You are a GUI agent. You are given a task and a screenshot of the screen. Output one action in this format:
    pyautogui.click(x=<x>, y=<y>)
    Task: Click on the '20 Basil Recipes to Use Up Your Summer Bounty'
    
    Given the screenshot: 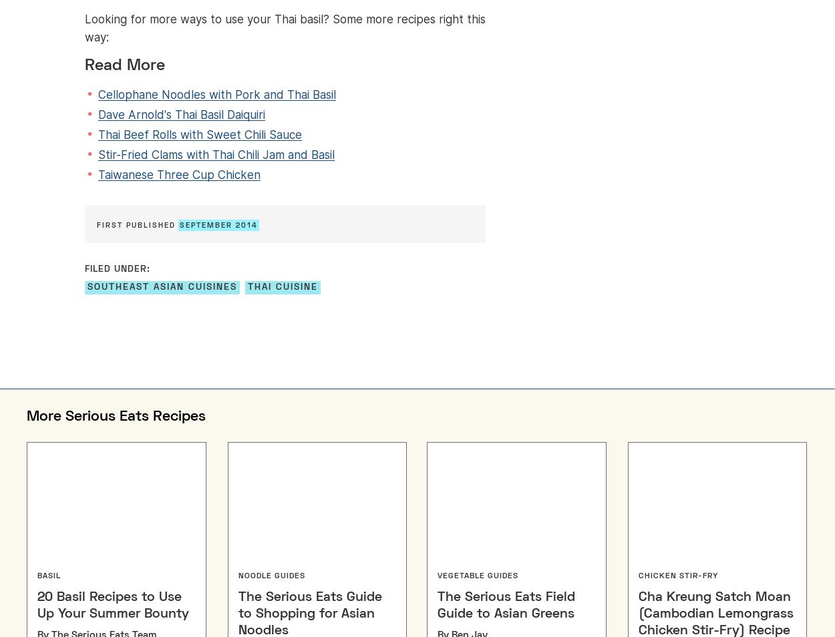 What is the action you would take?
    pyautogui.click(x=113, y=605)
    